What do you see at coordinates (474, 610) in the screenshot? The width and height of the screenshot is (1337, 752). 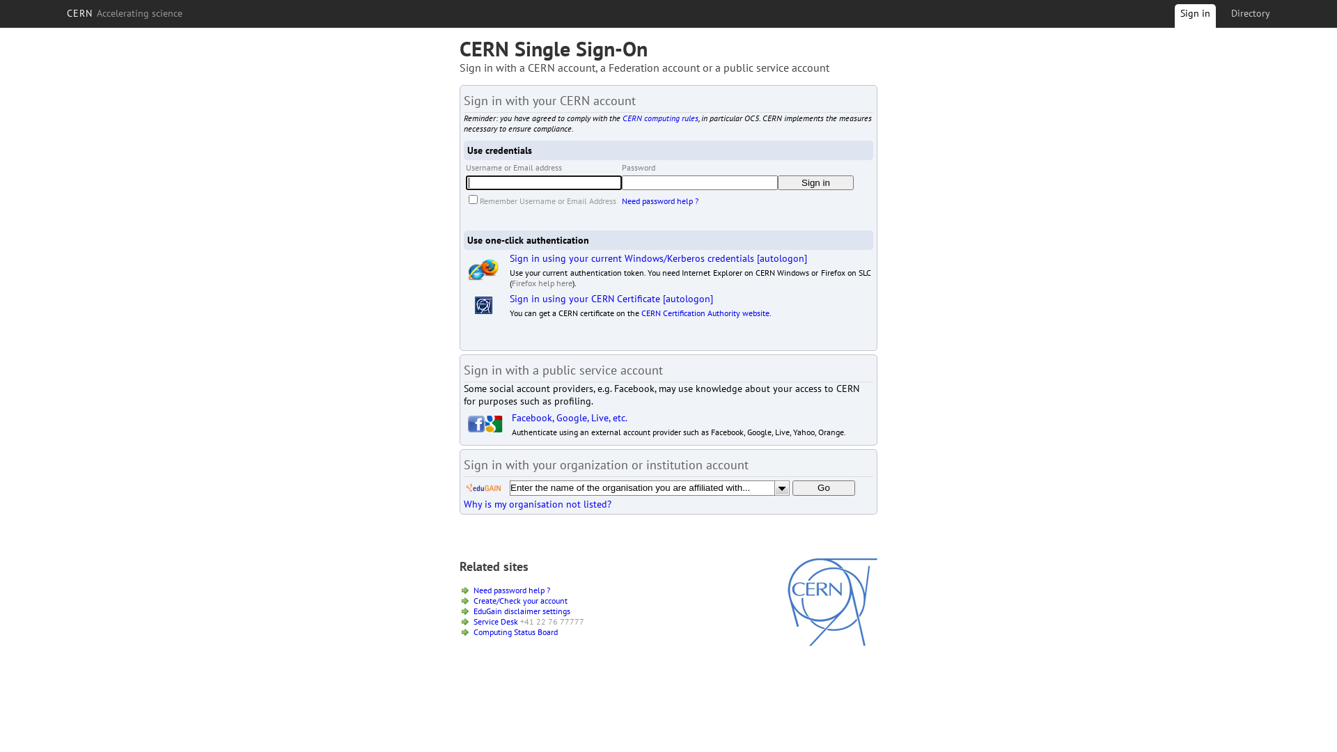 I see `'EduGain disclaimer settings'` at bounding box center [474, 610].